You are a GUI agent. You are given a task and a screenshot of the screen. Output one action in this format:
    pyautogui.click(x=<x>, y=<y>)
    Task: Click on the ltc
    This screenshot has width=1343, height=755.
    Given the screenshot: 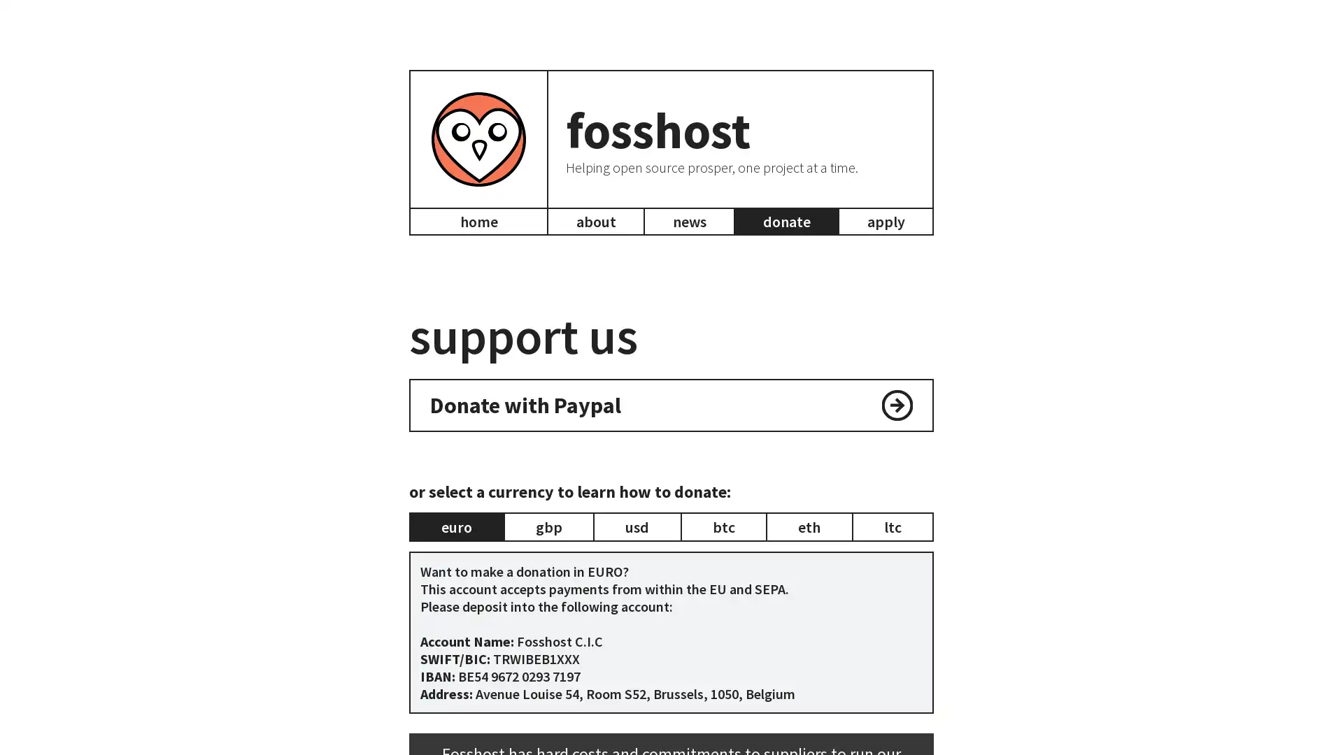 What is the action you would take?
    pyautogui.click(x=892, y=526)
    